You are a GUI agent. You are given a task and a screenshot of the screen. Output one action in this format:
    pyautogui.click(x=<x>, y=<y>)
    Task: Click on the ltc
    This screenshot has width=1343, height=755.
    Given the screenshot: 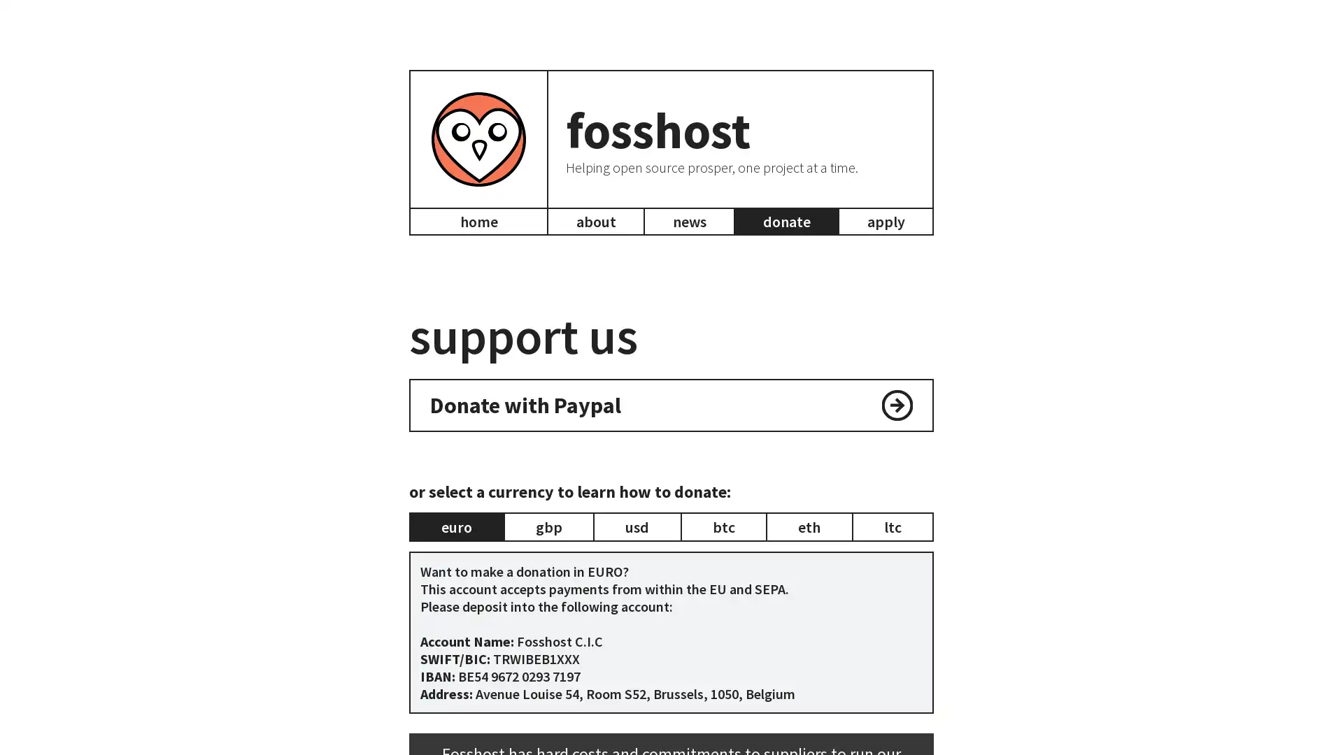 What is the action you would take?
    pyautogui.click(x=892, y=526)
    